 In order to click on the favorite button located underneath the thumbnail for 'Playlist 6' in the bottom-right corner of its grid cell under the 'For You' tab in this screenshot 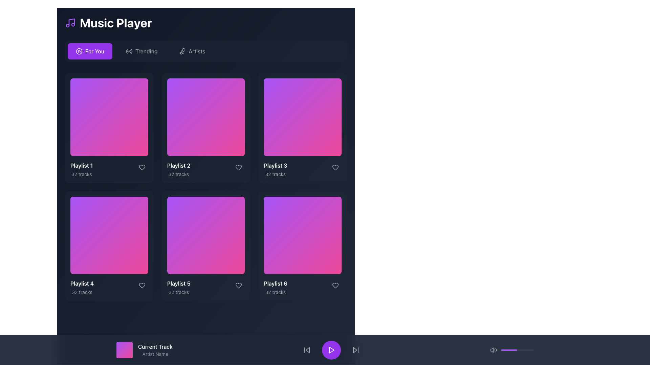, I will do `click(335, 286)`.